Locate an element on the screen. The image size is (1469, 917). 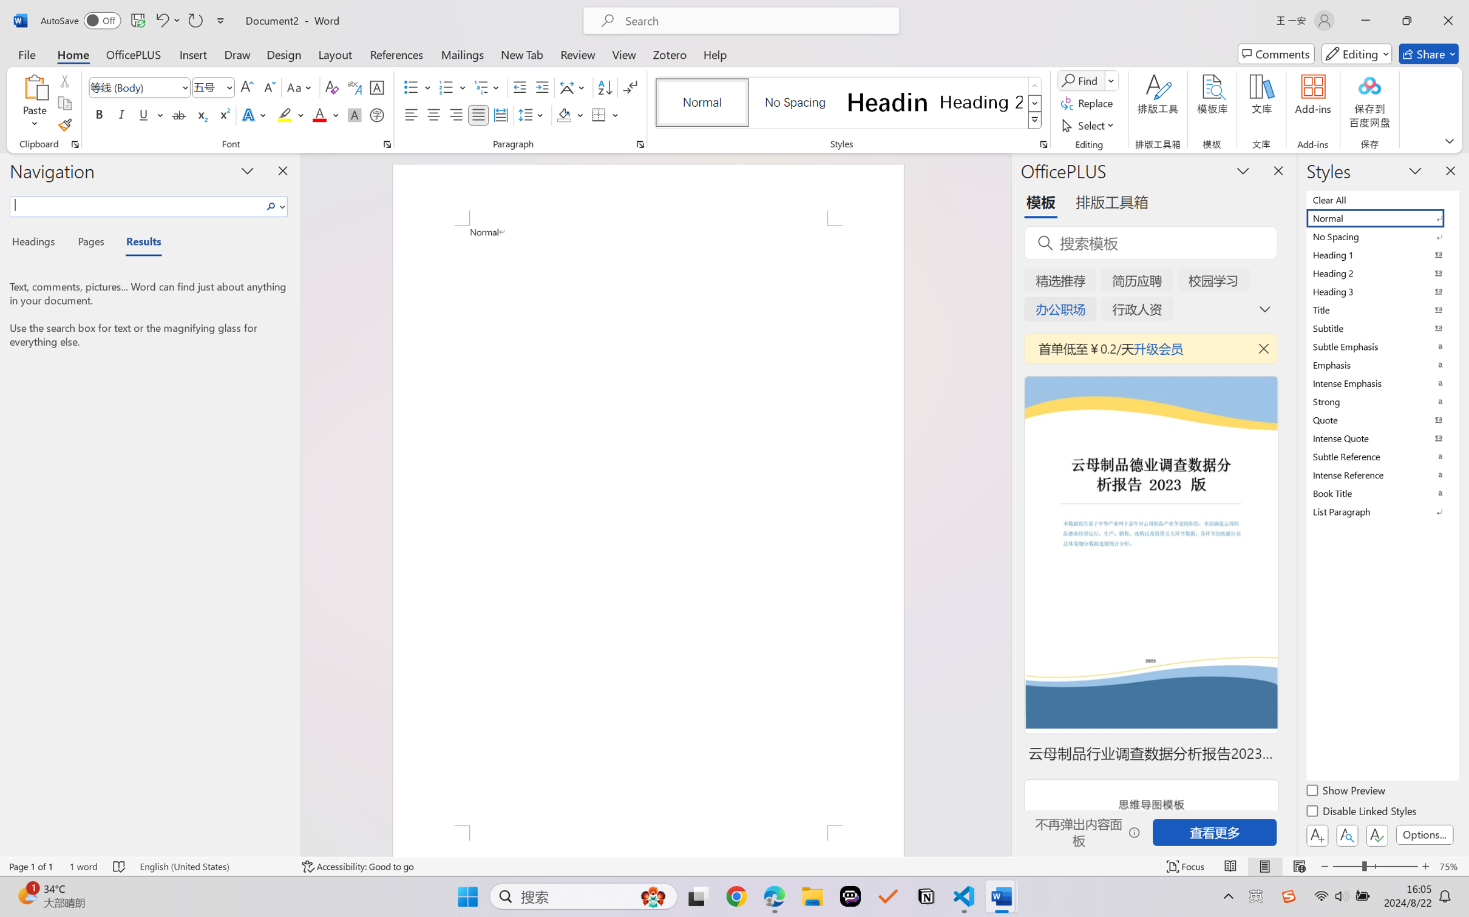
'AutoSave' is located at coordinates (81, 20).